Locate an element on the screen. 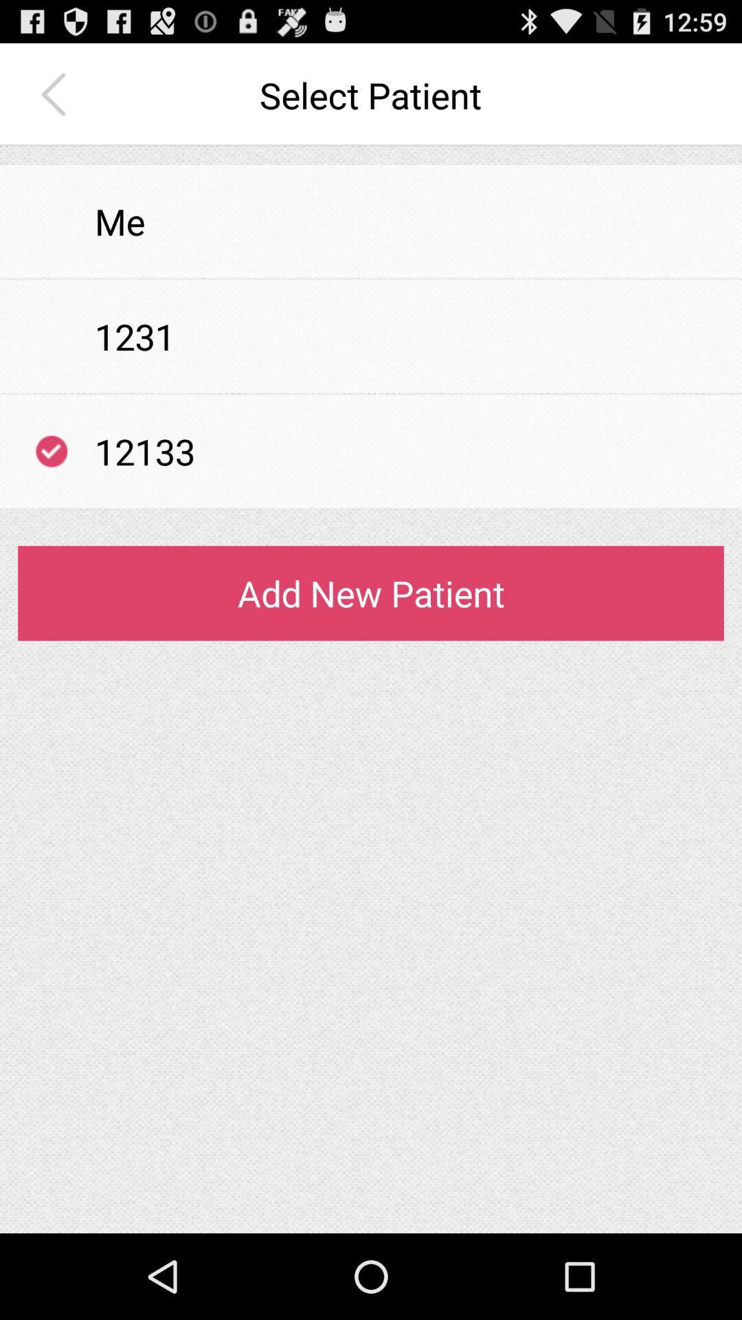 Image resolution: width=742 pixels, height=1320 pixels. app next to the 12133 icon is located at coordinates (51, 451).